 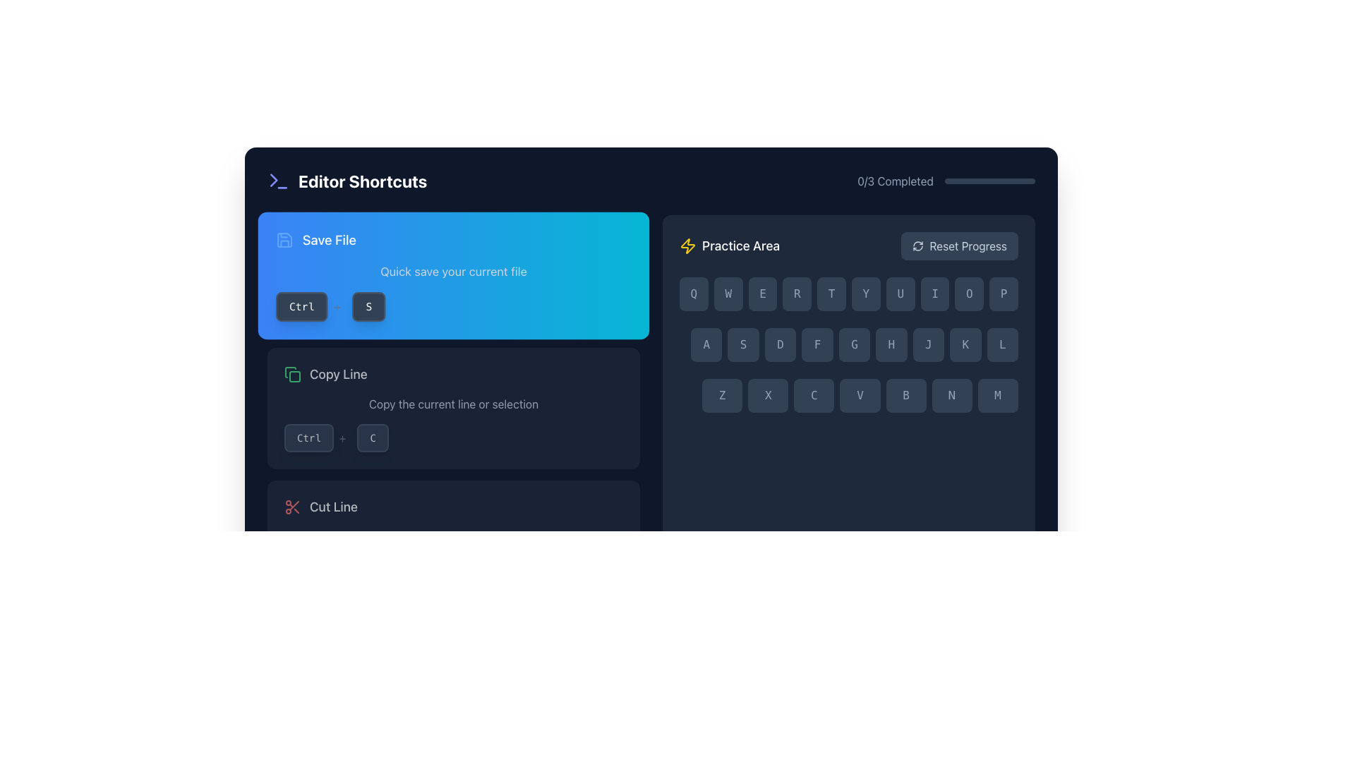 I want to click on the dark rectangle button with rounded corners labeled 'J' in the Practice Area to input the letter 'J', so click(x=928, y=345).